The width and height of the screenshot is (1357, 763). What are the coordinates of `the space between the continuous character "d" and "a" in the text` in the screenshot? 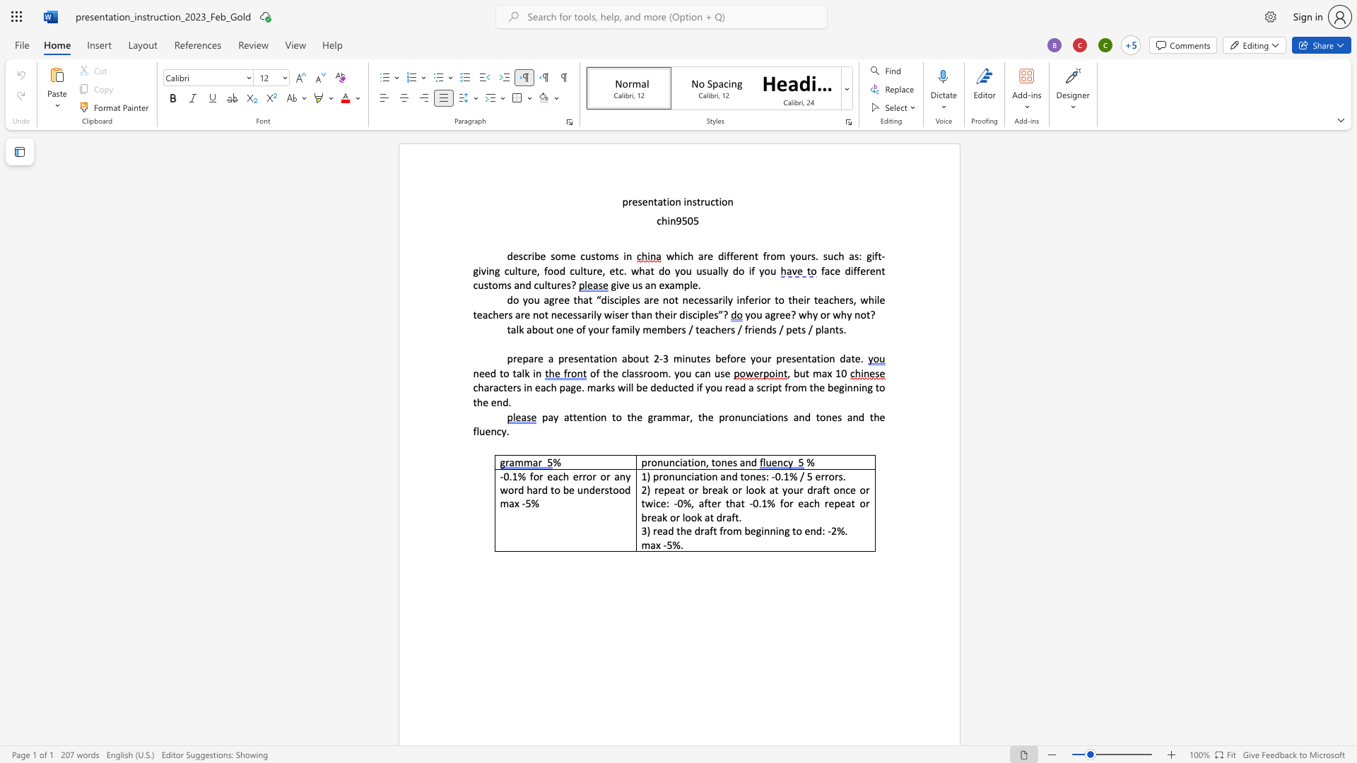 It's located at (845, 357).